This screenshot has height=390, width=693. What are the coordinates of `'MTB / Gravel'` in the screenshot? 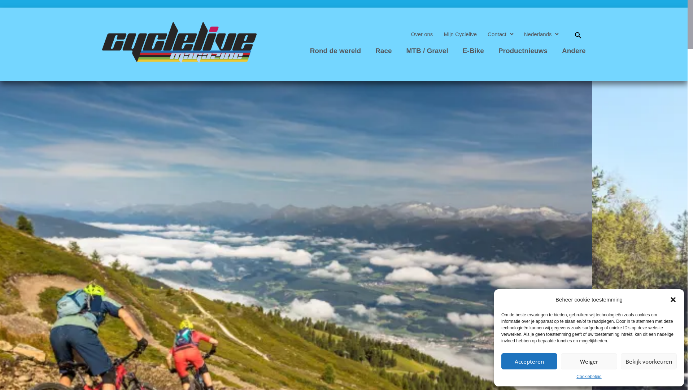 It's located at (427, 51).